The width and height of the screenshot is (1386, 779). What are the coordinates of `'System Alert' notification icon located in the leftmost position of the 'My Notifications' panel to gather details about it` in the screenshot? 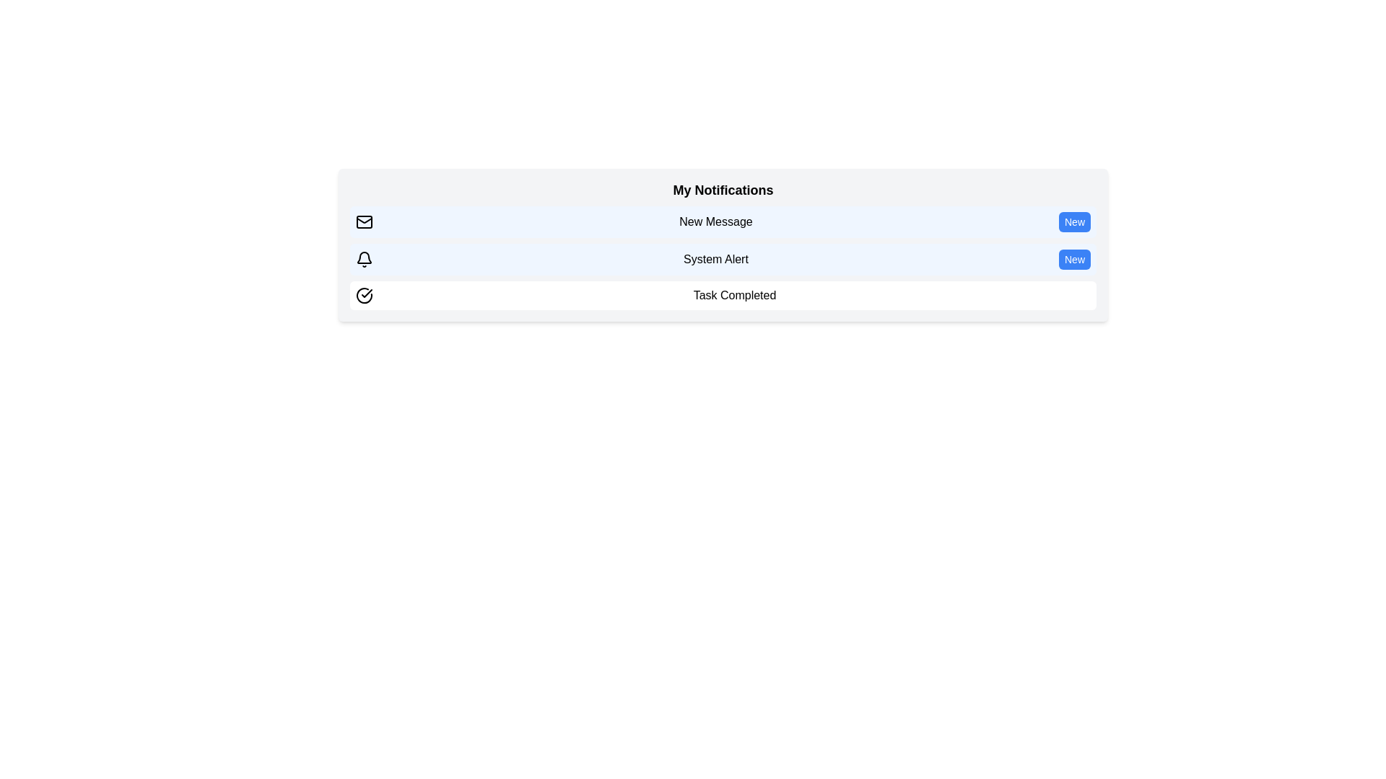 It's located at (364, 258).